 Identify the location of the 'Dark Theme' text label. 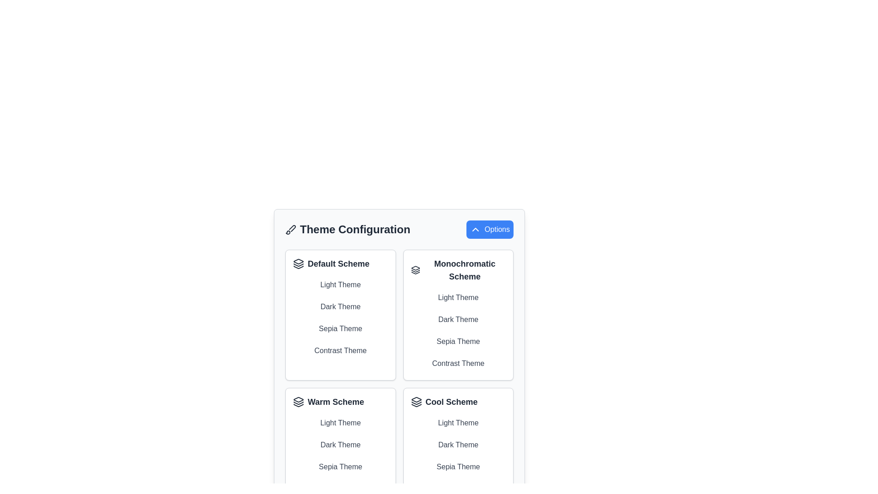
(340, 444).